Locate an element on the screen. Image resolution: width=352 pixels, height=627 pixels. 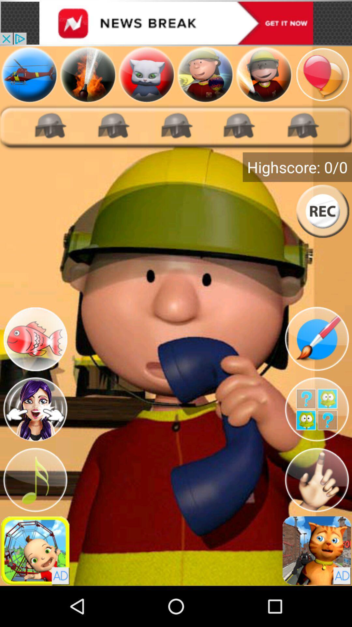
water hose is located at coordinates (88, 74).